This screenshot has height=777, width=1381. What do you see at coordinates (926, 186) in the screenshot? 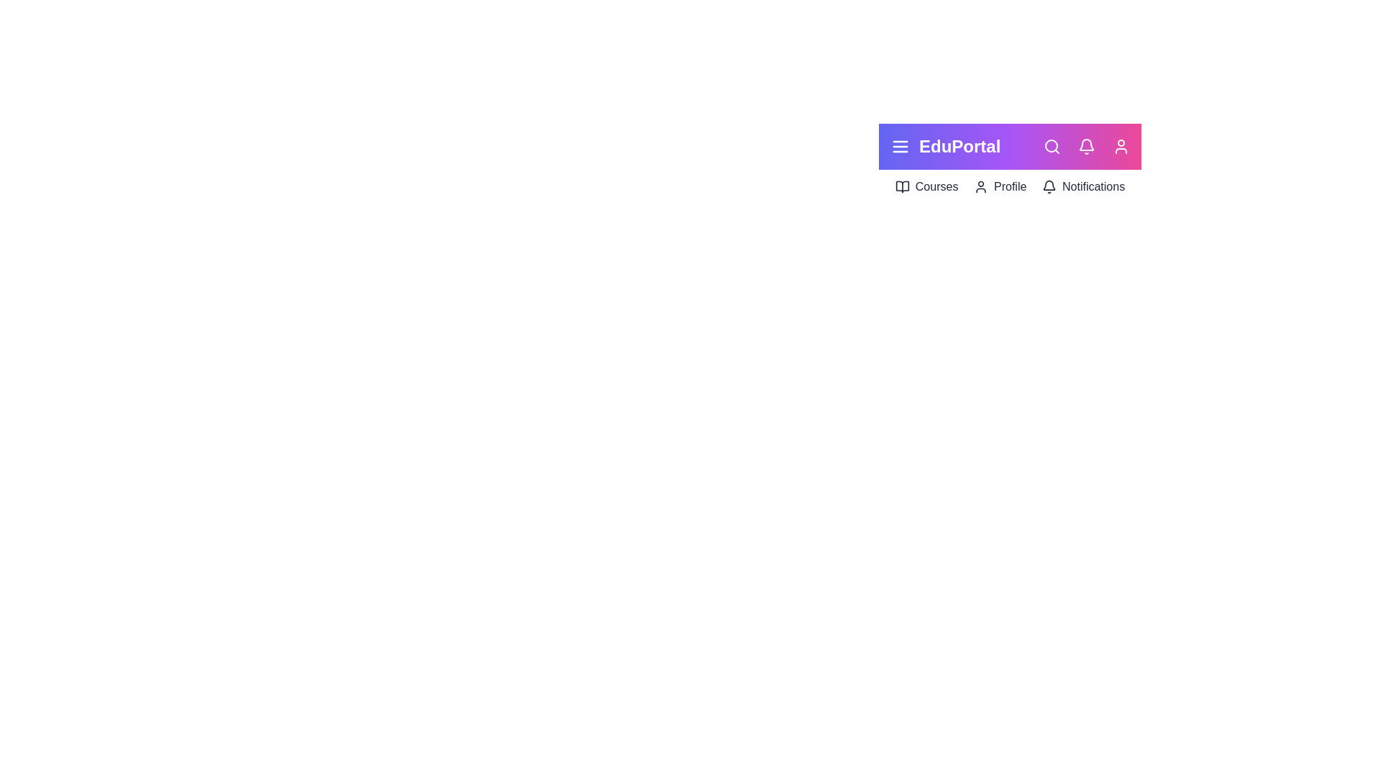
I see `the menu item Courses to navigate to the respective section` at bounding box center [926, 186].